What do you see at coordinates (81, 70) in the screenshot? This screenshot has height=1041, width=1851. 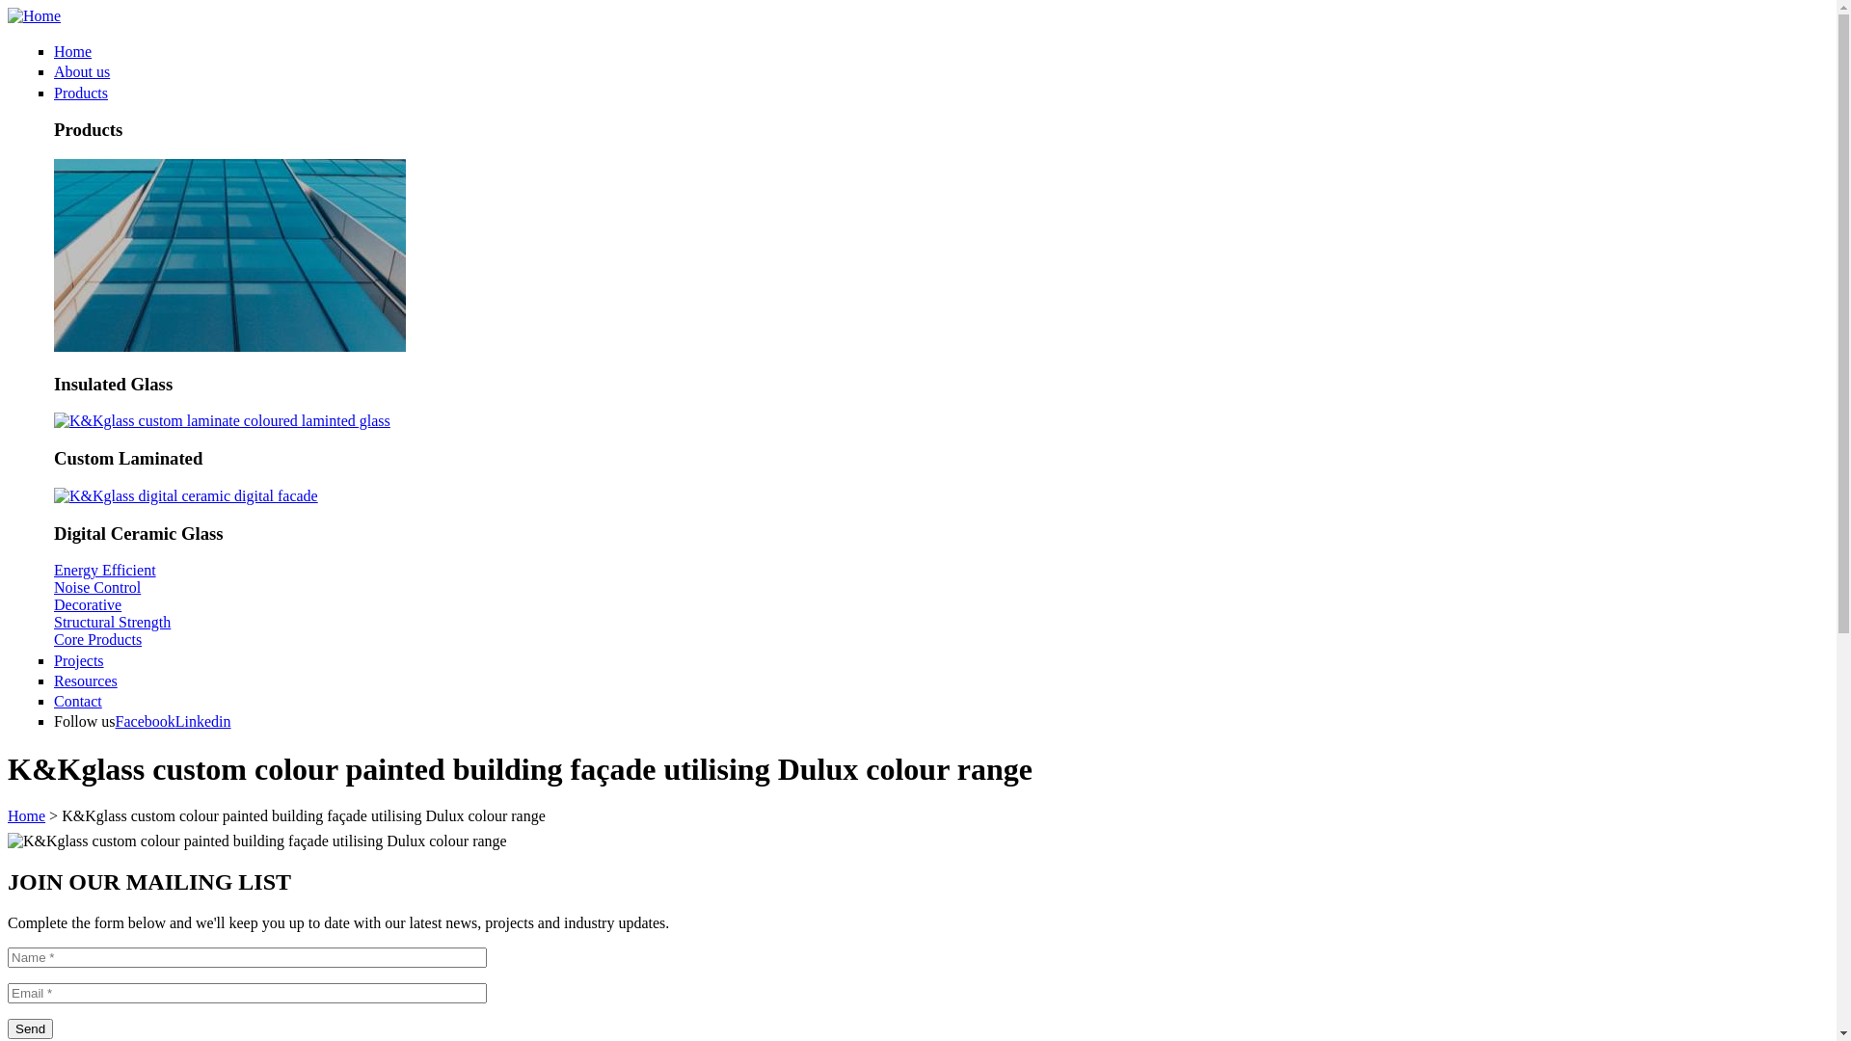 I see `'About us'` at bounding box center [81, 70].